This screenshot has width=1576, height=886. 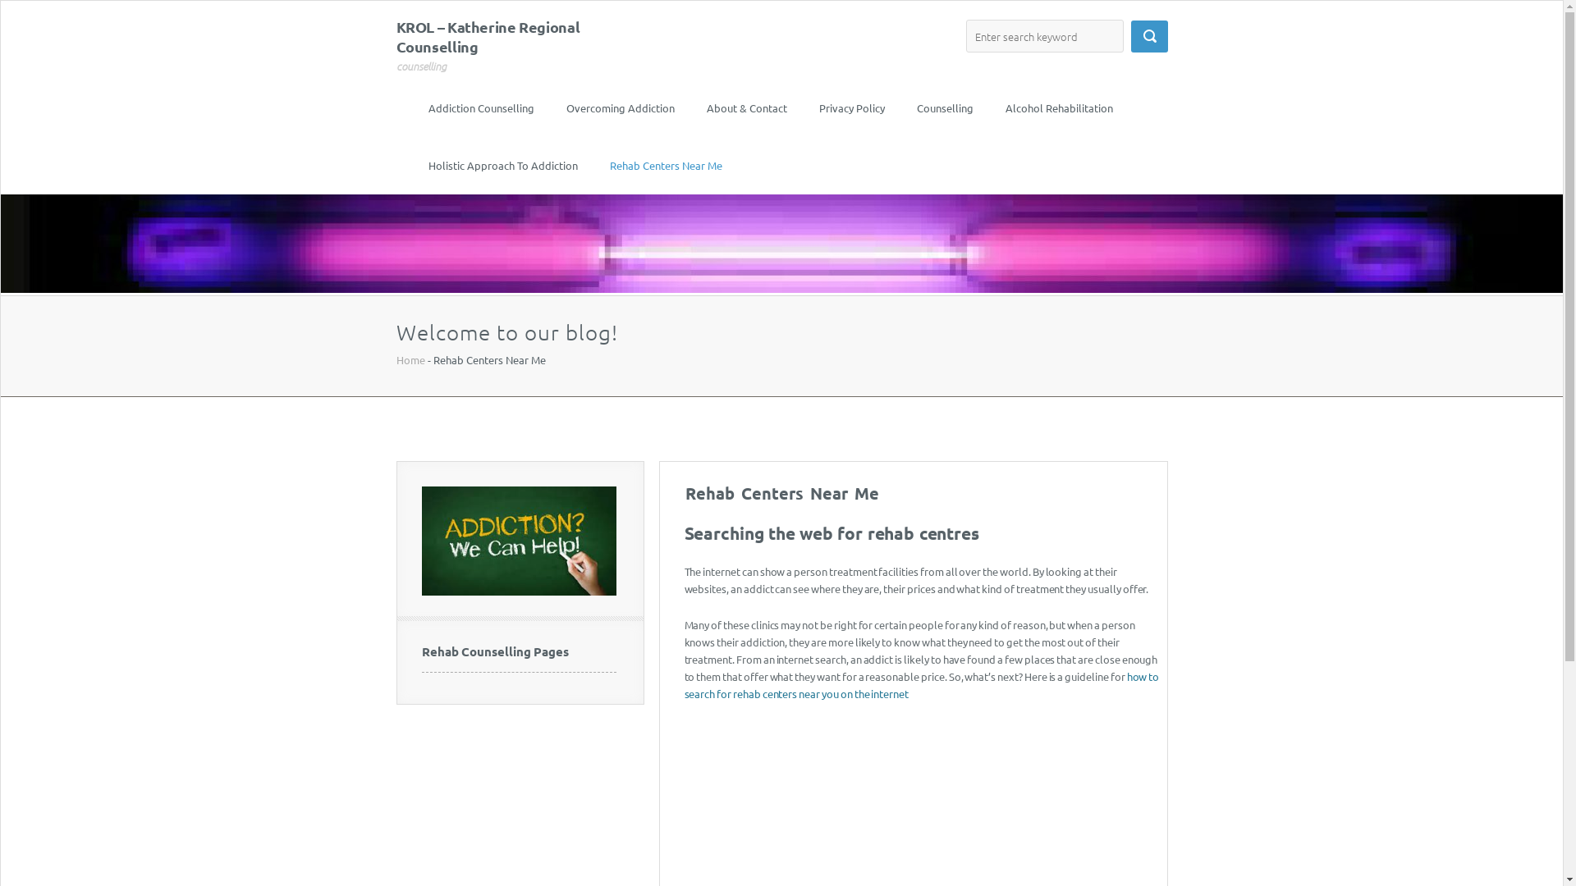 I want to click on 'Overcoming Addiction', so click(x=619, y=107).